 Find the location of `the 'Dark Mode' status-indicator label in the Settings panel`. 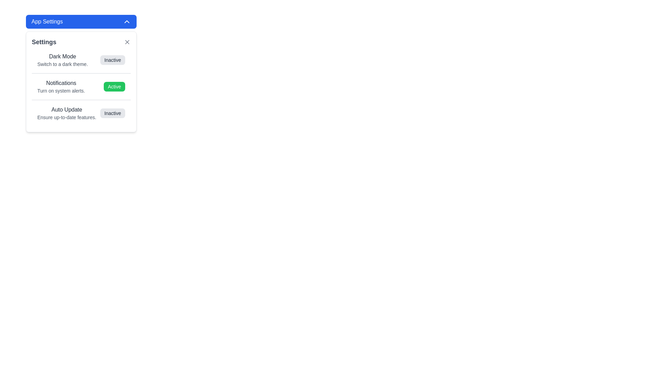

the 'Dark Mode' status-indicator label in the Settings panel is located at coordinates (112, 59).